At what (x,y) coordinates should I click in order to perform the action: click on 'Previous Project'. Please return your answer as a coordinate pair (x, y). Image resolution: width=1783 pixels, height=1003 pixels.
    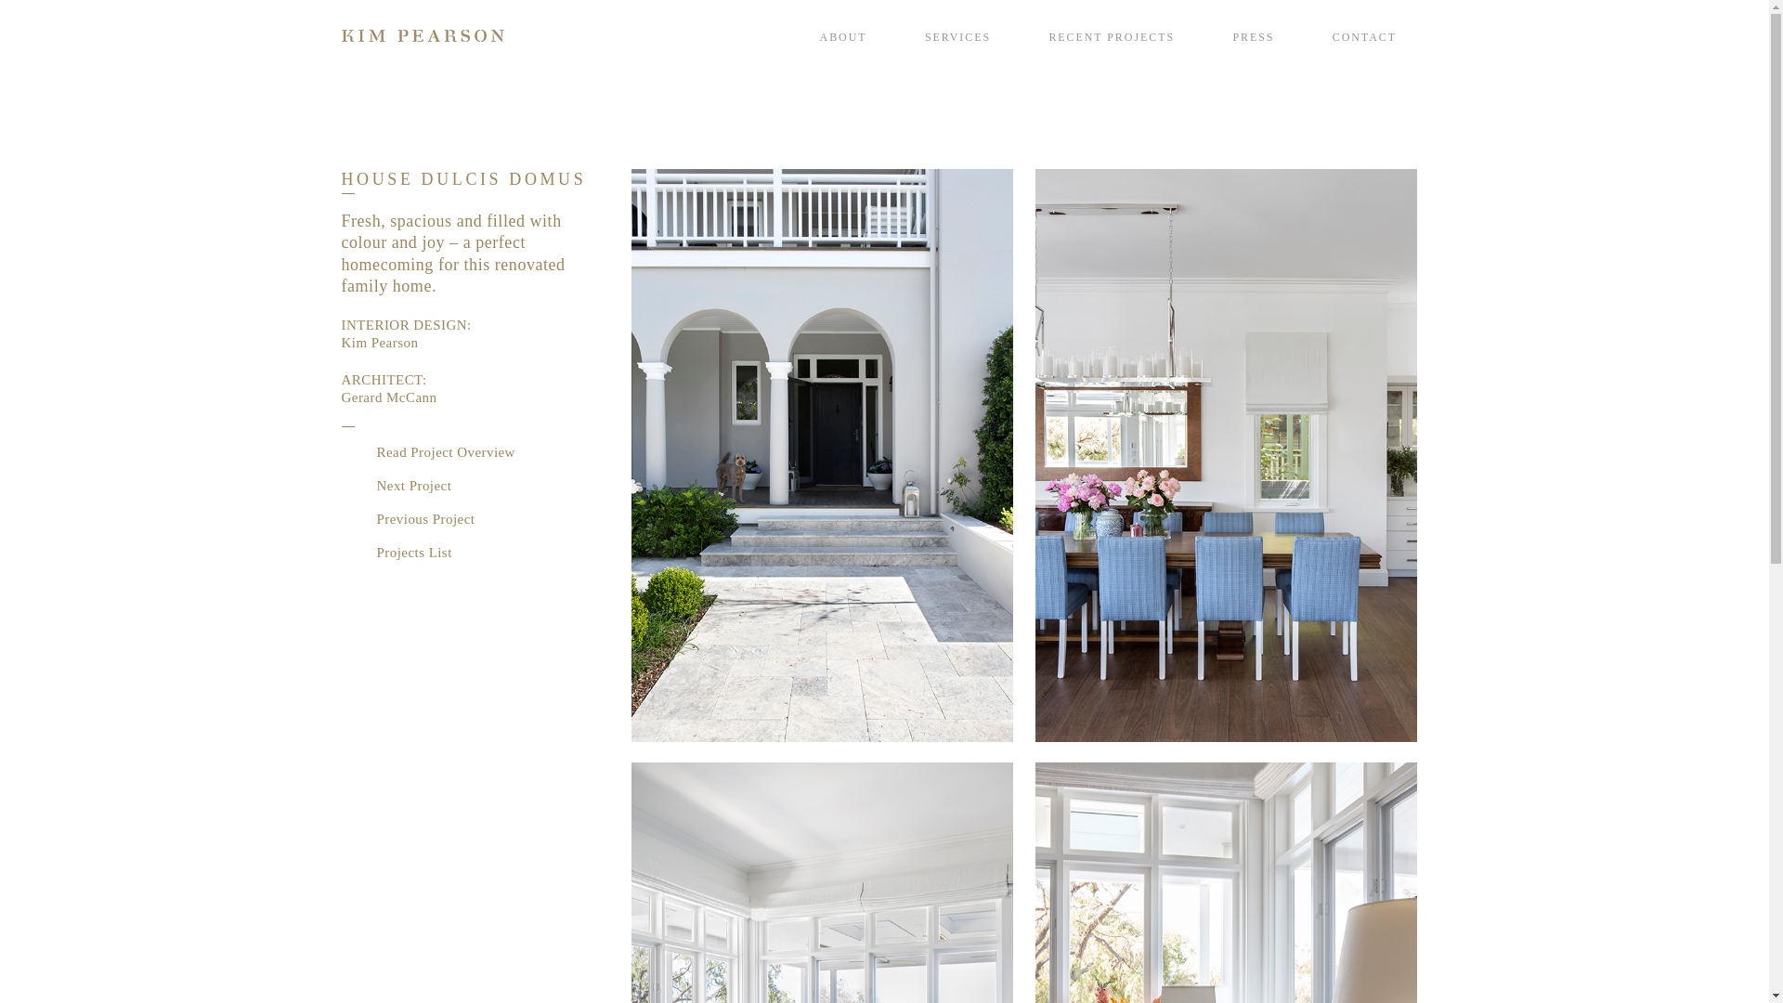
    Looking at the image, I should click on (408, 519).